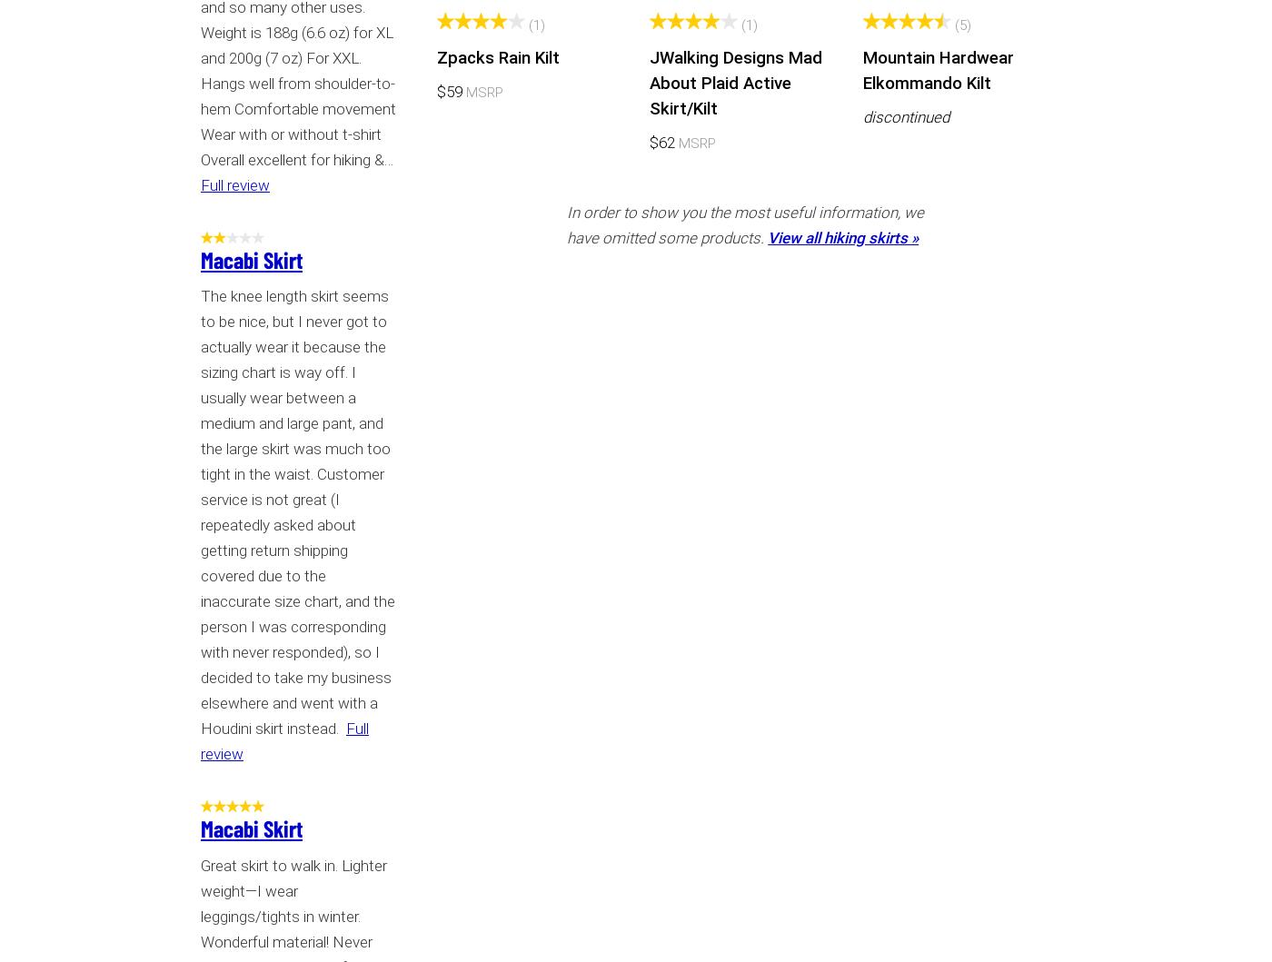 This screenshot has width=1272, height=962. What do you see at coordinates (436, 57) in the screenshot?
I see `'Zpacks Rain Kilt'` at bounding box center [436, 57].